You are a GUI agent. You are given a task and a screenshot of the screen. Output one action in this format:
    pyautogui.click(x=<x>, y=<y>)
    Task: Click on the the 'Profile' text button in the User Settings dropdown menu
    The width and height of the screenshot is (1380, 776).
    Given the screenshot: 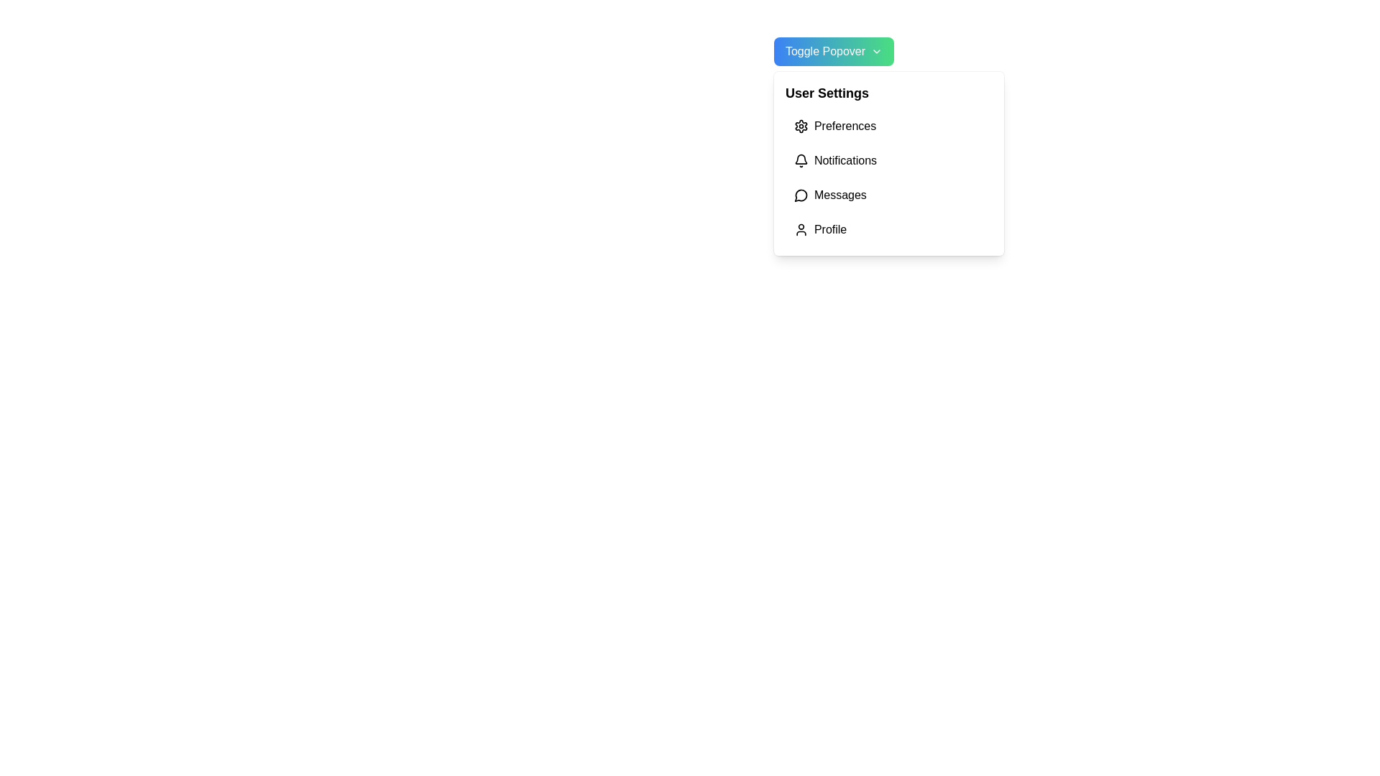 What is the action you would take?
    pyautogui.click(x=830, y=229)
    